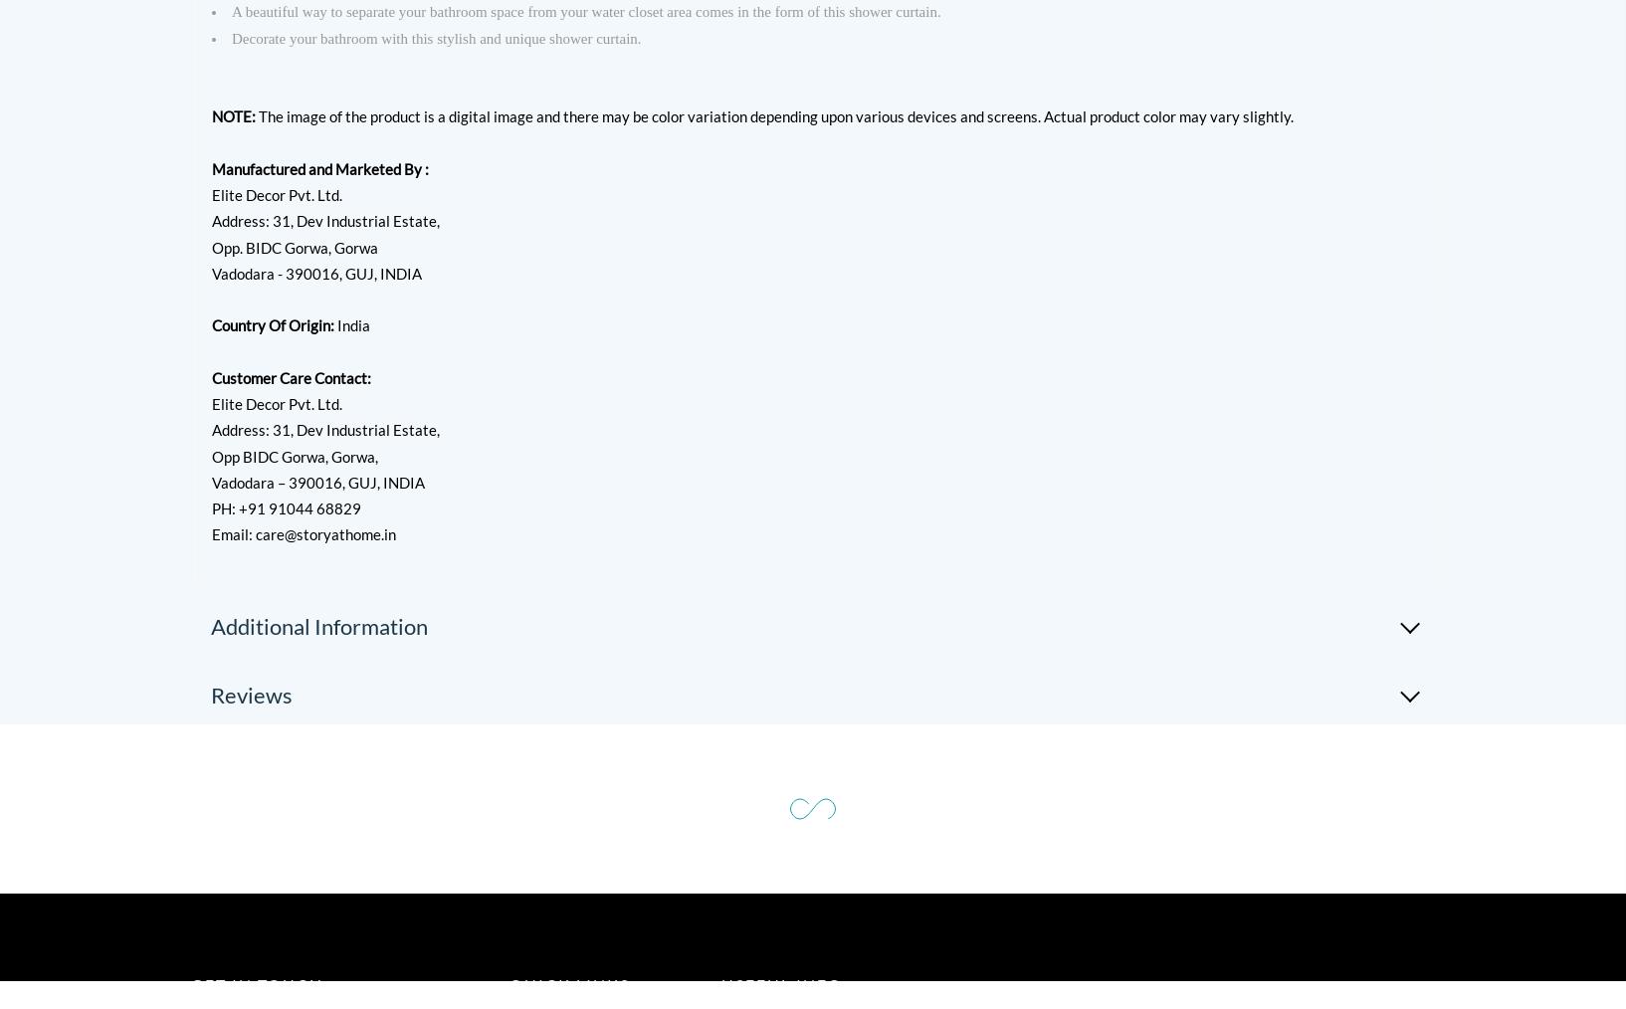  What do you see at coordinates (295, 456) in the screenshot?
I see `'Opp BIDC Gorwa, Gorwa,'` at bounding box center [295, 456].